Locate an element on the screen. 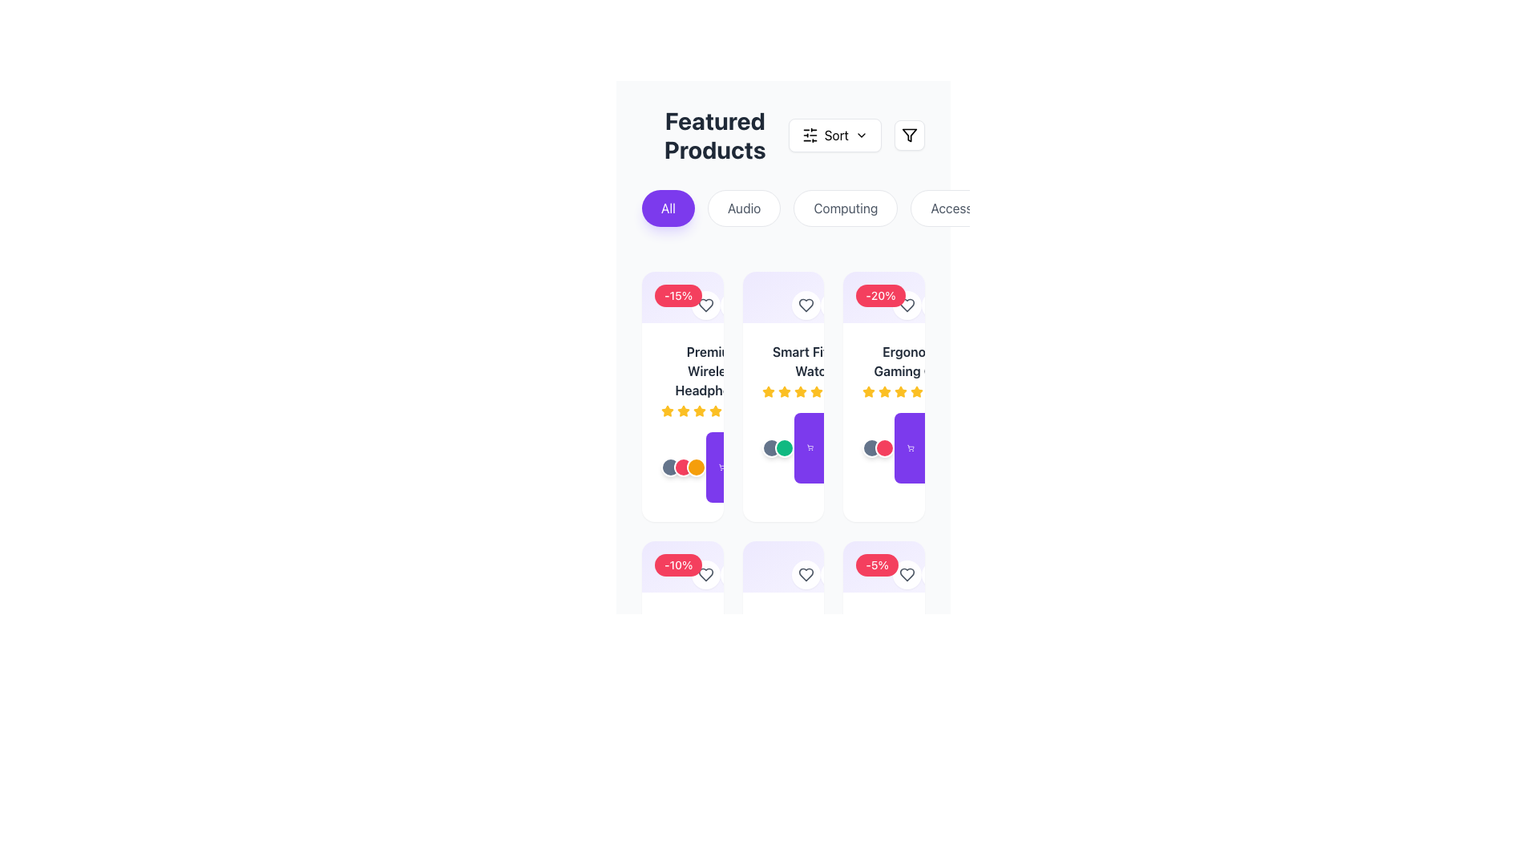  text label that displays the word 'Sort', which is styled in bold typography and is centrally aligned with adjacent icons in the top section of the page is located at coordinates (835, 135).